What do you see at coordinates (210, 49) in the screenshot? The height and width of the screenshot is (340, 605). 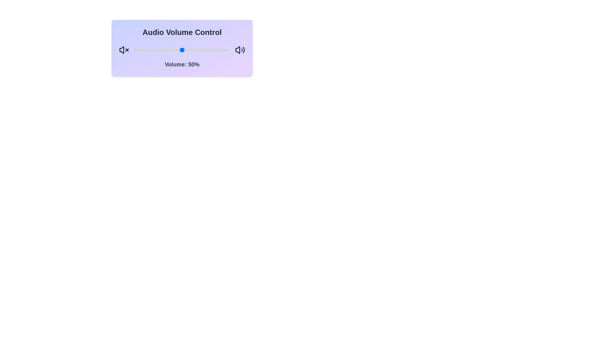 I see `the volume slider to set the volume to 79%` at bounding box center [210, 49].